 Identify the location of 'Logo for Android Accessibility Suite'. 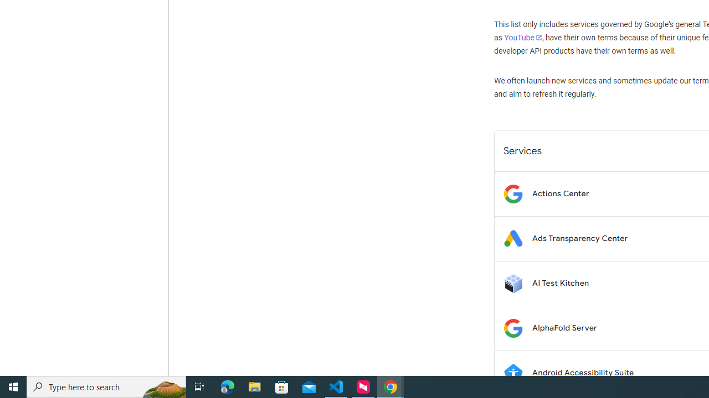
(512, 373).